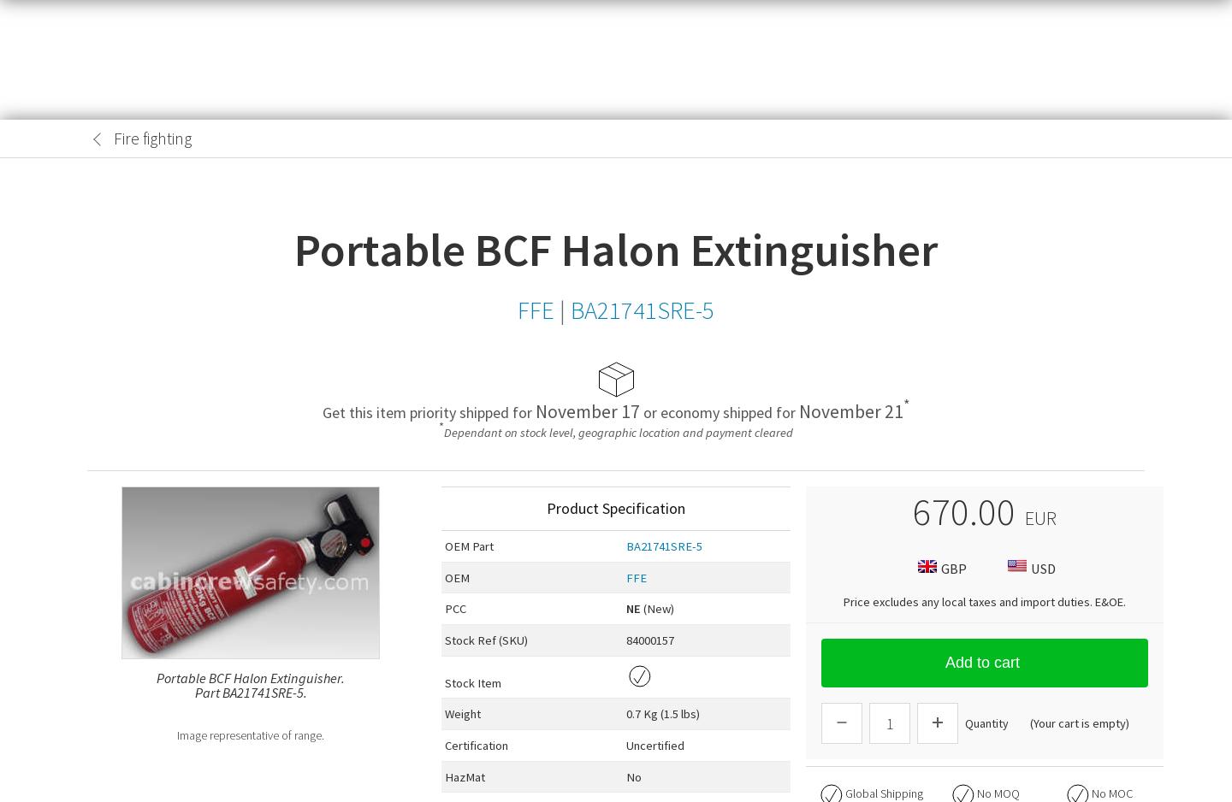 The image size is (1232, 802). What do you see at coordinates (1122, 93) in the screenshot?
I see `'Contact'` at bounding box center [1122, 93].